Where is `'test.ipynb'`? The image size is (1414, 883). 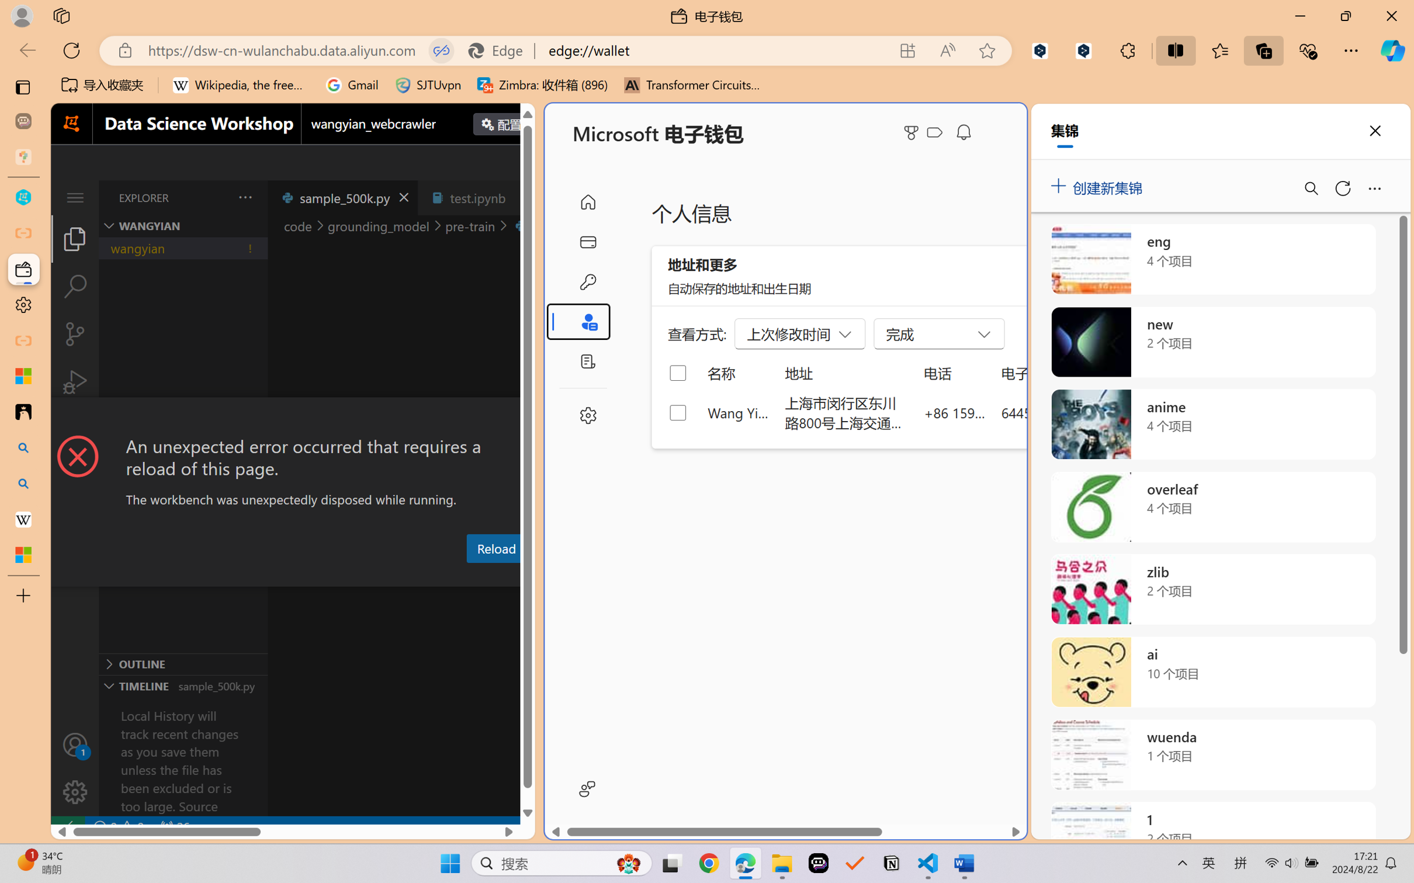
'test.ipynb' is located at coordinates (477, 197).